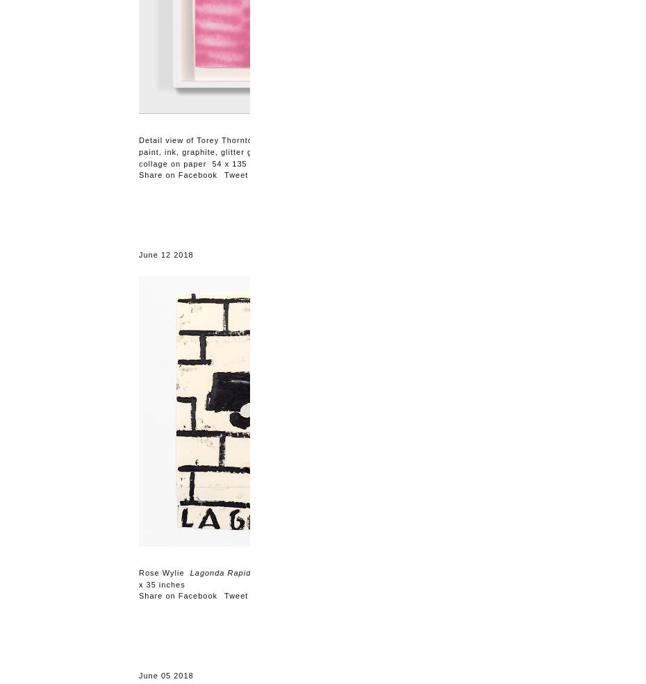  What do you see at coordinates (248, 572) in the screenshot?
I see `'Lagonda Rapida on brick wall'` at bounding box center [248, 572].